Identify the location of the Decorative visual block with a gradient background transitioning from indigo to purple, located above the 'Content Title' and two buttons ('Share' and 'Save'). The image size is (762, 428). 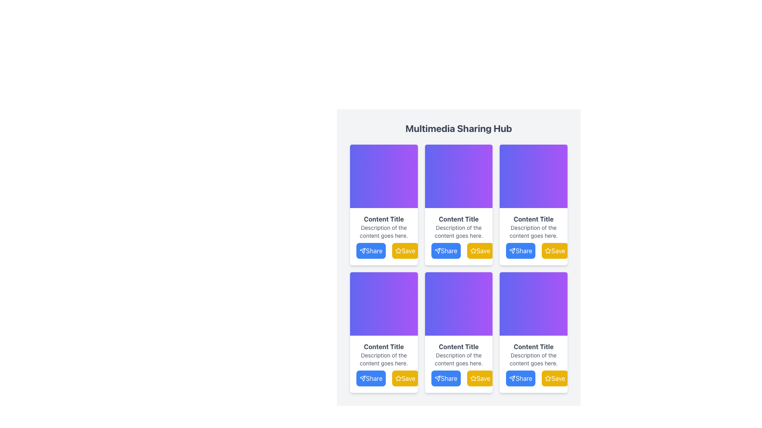
(459, 176).